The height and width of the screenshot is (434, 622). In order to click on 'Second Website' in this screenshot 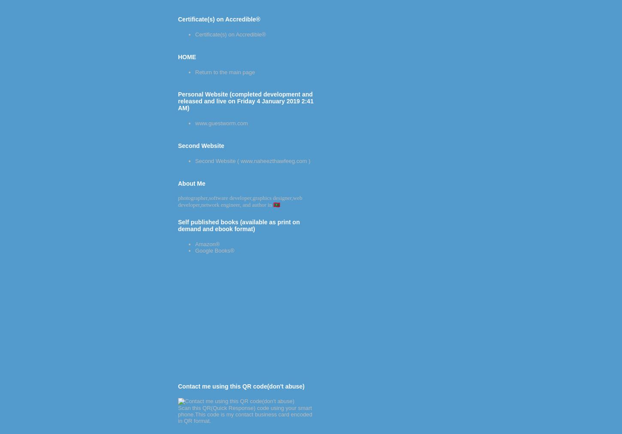, I will do `click(200, 145)`.